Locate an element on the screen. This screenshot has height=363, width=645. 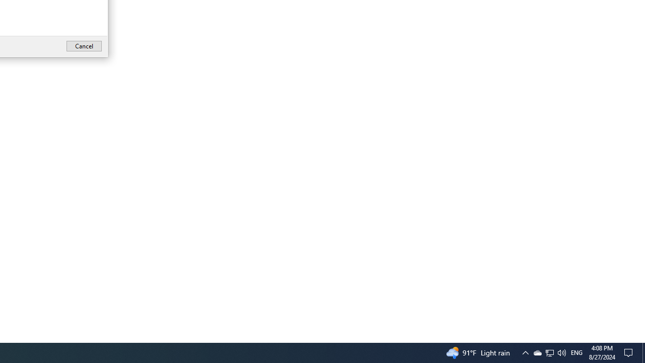
'Q2790: 100%' is located at coordinates (537, 352).